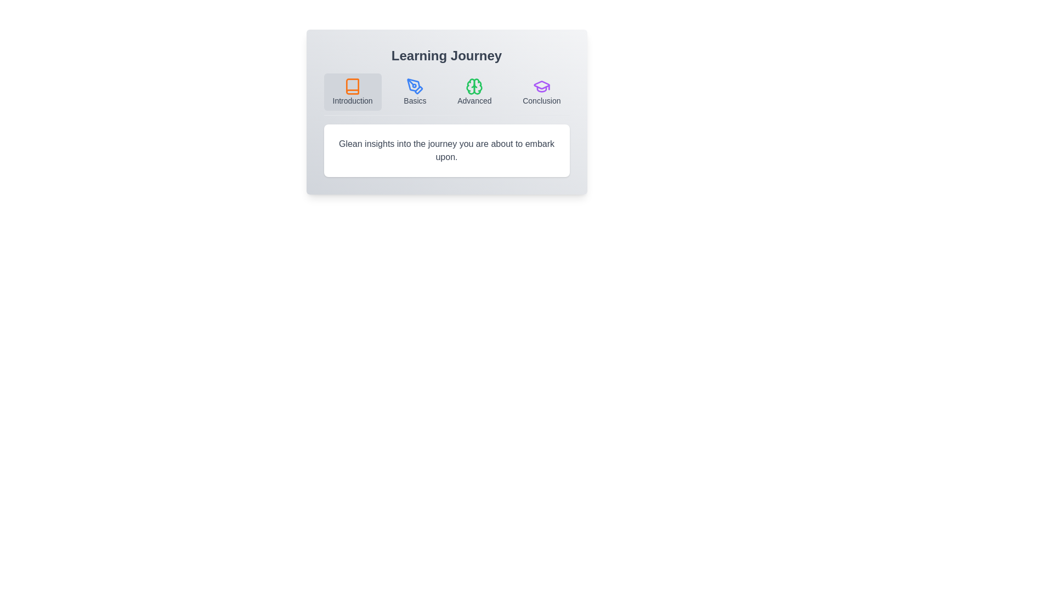 This screenshot has width=1053, height=592. Describe the element at coordinates (446, 55) in the screenshot. I see `the title 'Learning Journey'` at that location.